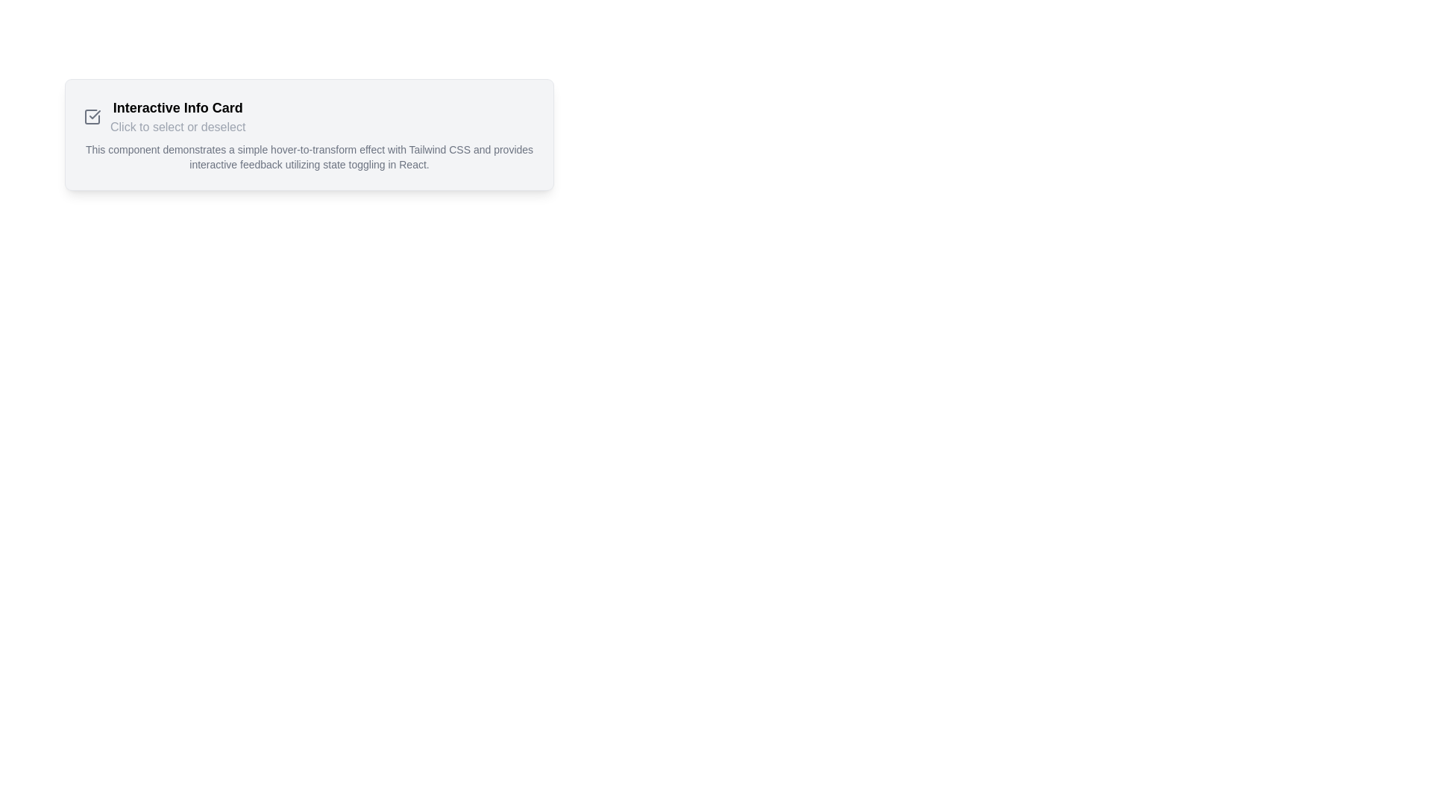  I want to click on the small check mark icon contained within the larger square icon, located in the top-left region of the card adjacent to the card's title, so click(94, 114).